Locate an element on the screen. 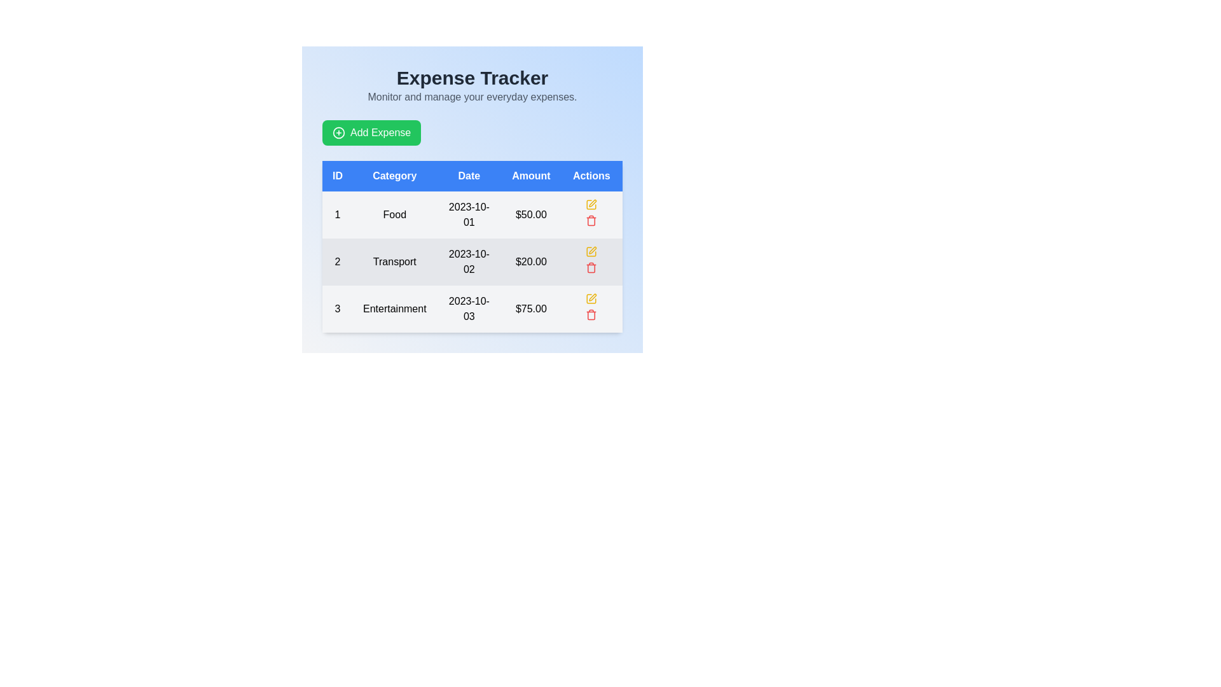 The width and height of the screenshot is (1221, 687). the pen icon located in the second row of the table under the 'Actions' column, adjacent to 'Transport' is located at coordinates (592, 202).